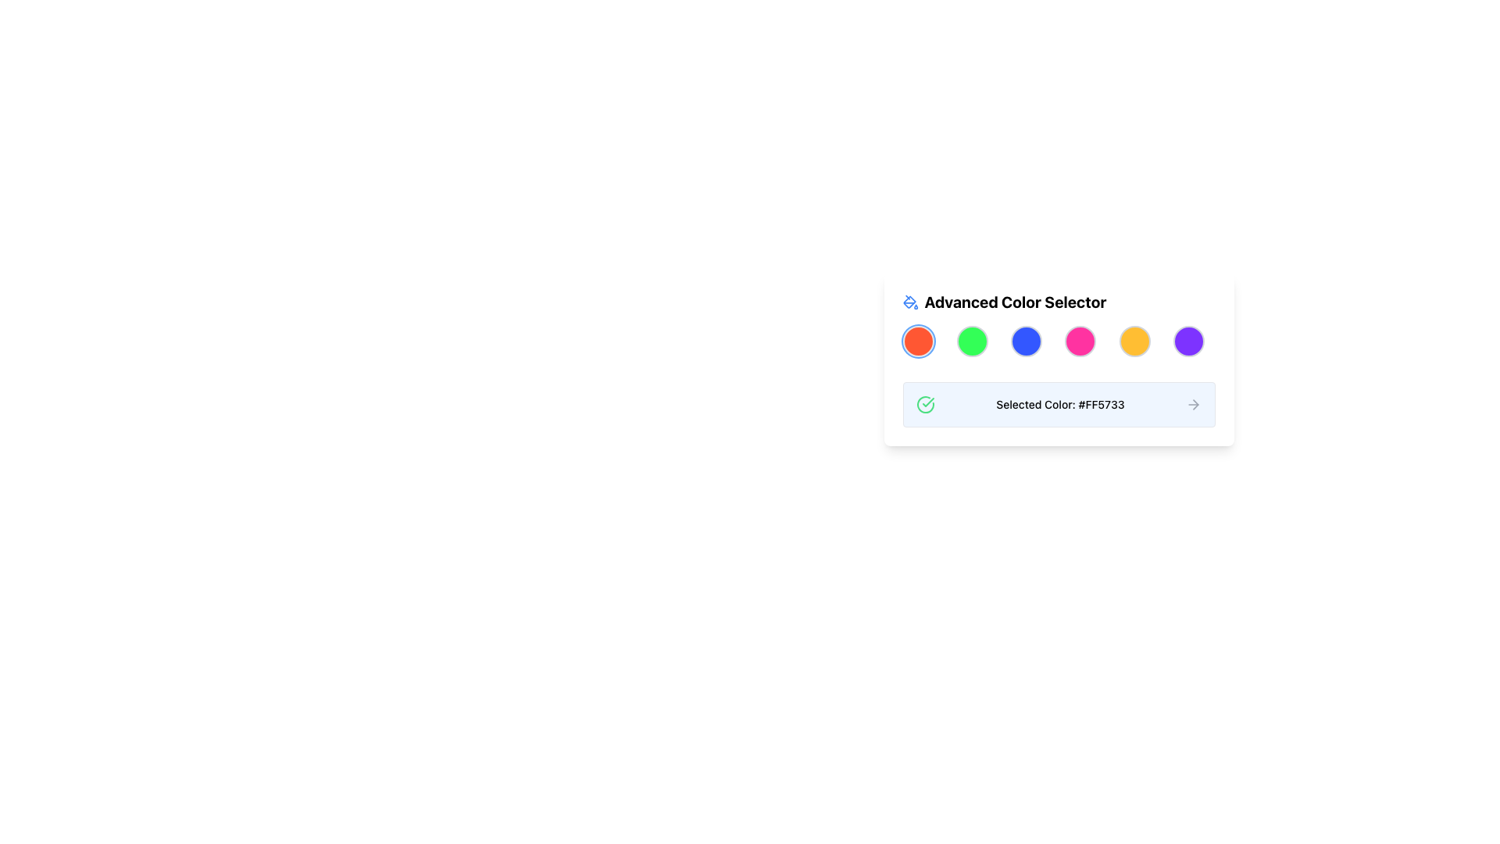 This screenshot has height=844, width=1500. Describe the element at coordinates (909, 302) in the screenshot. I see `the decorative icon for the color selection tool located in the top left corner of the 'Advanced Color Selector' header` at that location.